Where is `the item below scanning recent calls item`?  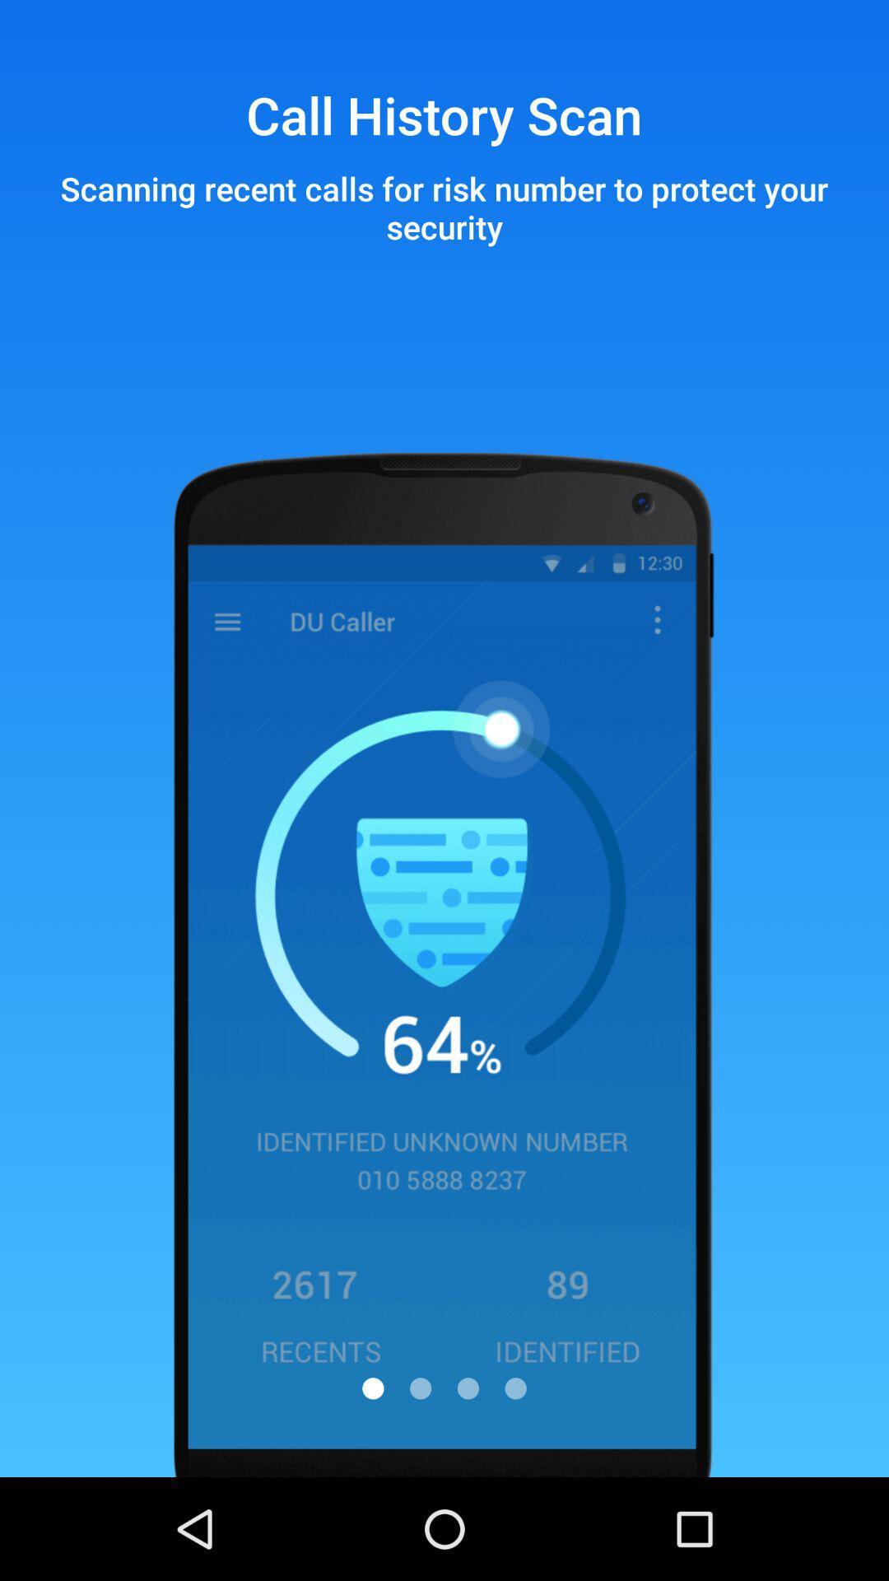 the item below scanning recent calls item is located at coordinates (468, 1387).